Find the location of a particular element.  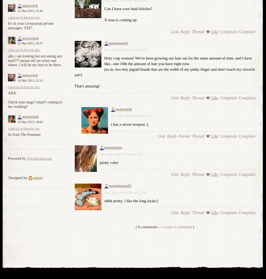

'morningstar81' is located at coordinates (120, 186).